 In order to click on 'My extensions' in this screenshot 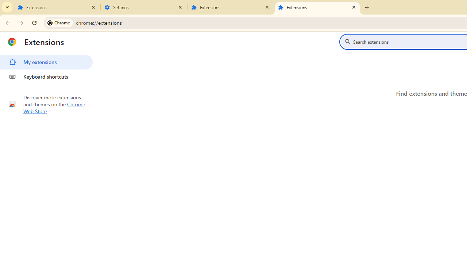, I will do `click(46, 62)`.